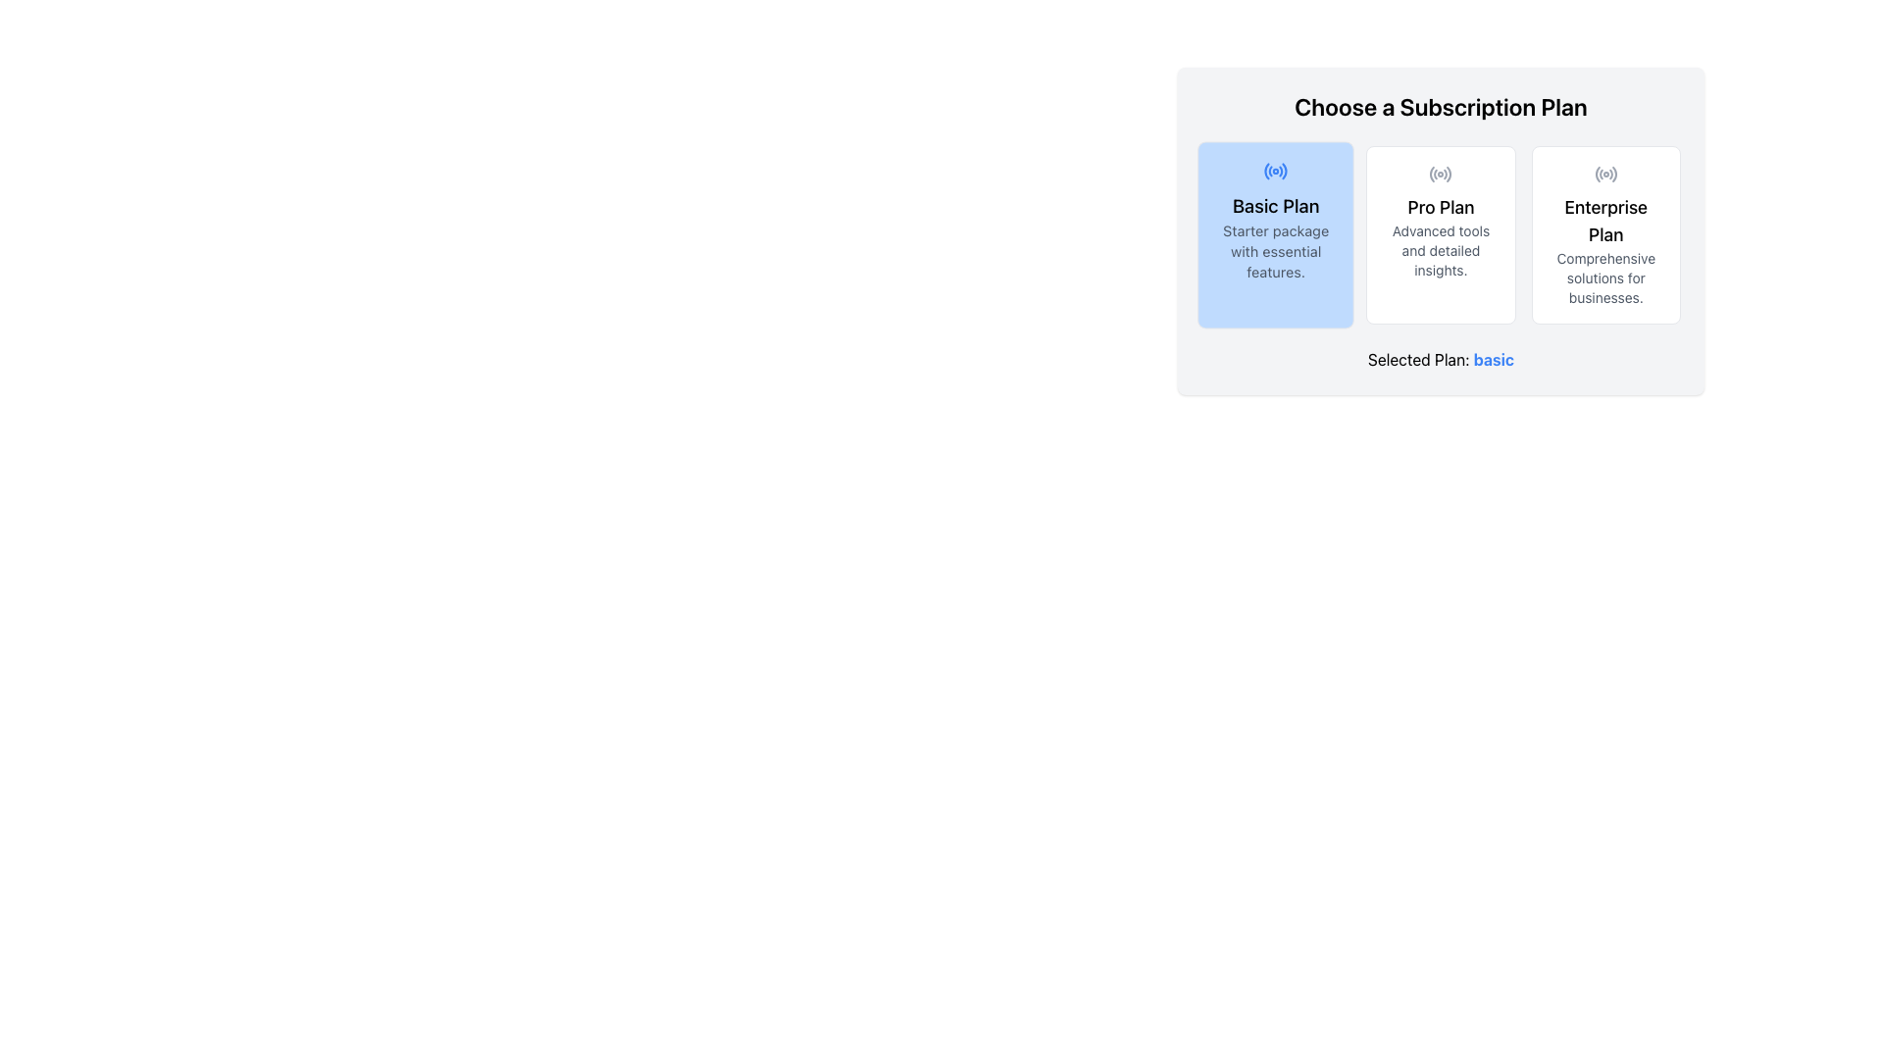  I want to click on the bold blue text labeled 'basic' which is part of the phrase 'Selected Plan: basic', located at the bottom of the subscription plan selection section, so click(1493, 359).